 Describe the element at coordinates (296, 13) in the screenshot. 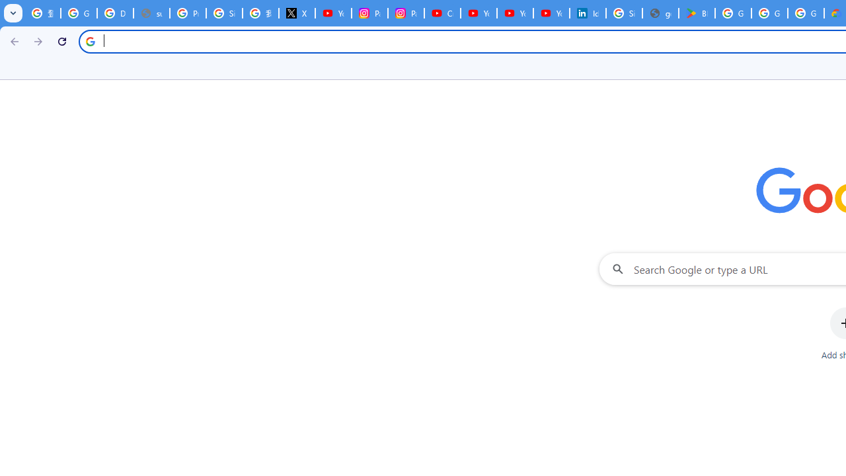

I see `'X'` at that location.